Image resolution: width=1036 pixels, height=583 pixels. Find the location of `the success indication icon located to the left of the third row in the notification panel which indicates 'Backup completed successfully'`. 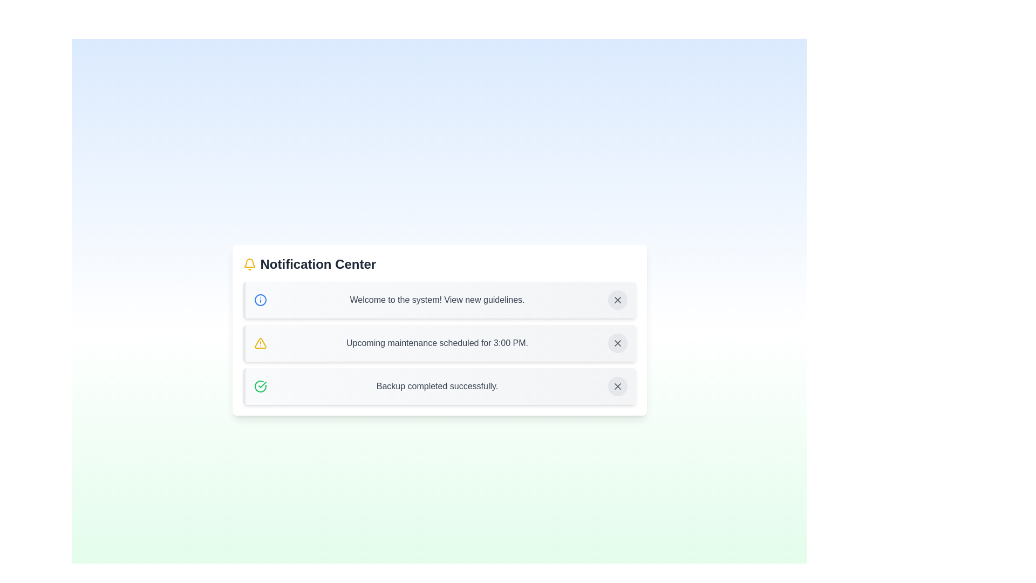

the success indication icon located to the left of the third row in the notification panel which indicates 'Backup completed successfully' is located at coordinates (260, 386).